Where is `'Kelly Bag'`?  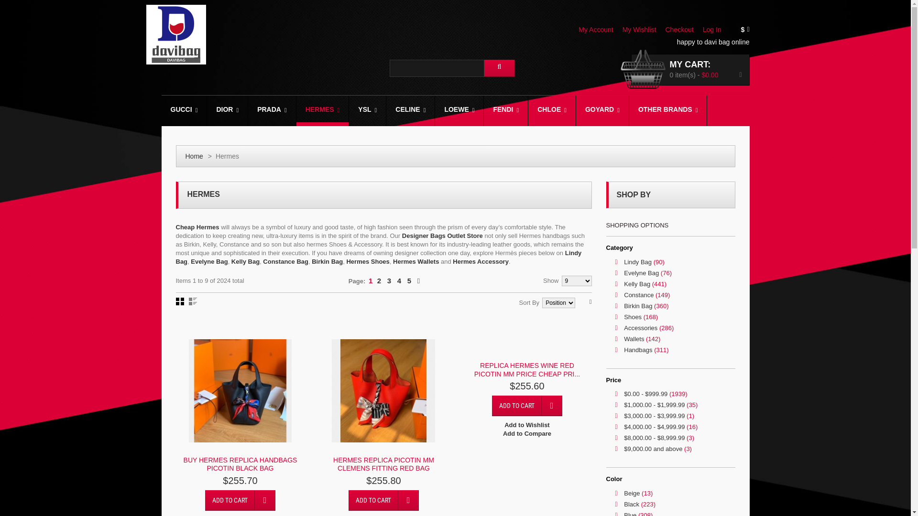 'Kelly Bag' is located at coordinates (245, 261).